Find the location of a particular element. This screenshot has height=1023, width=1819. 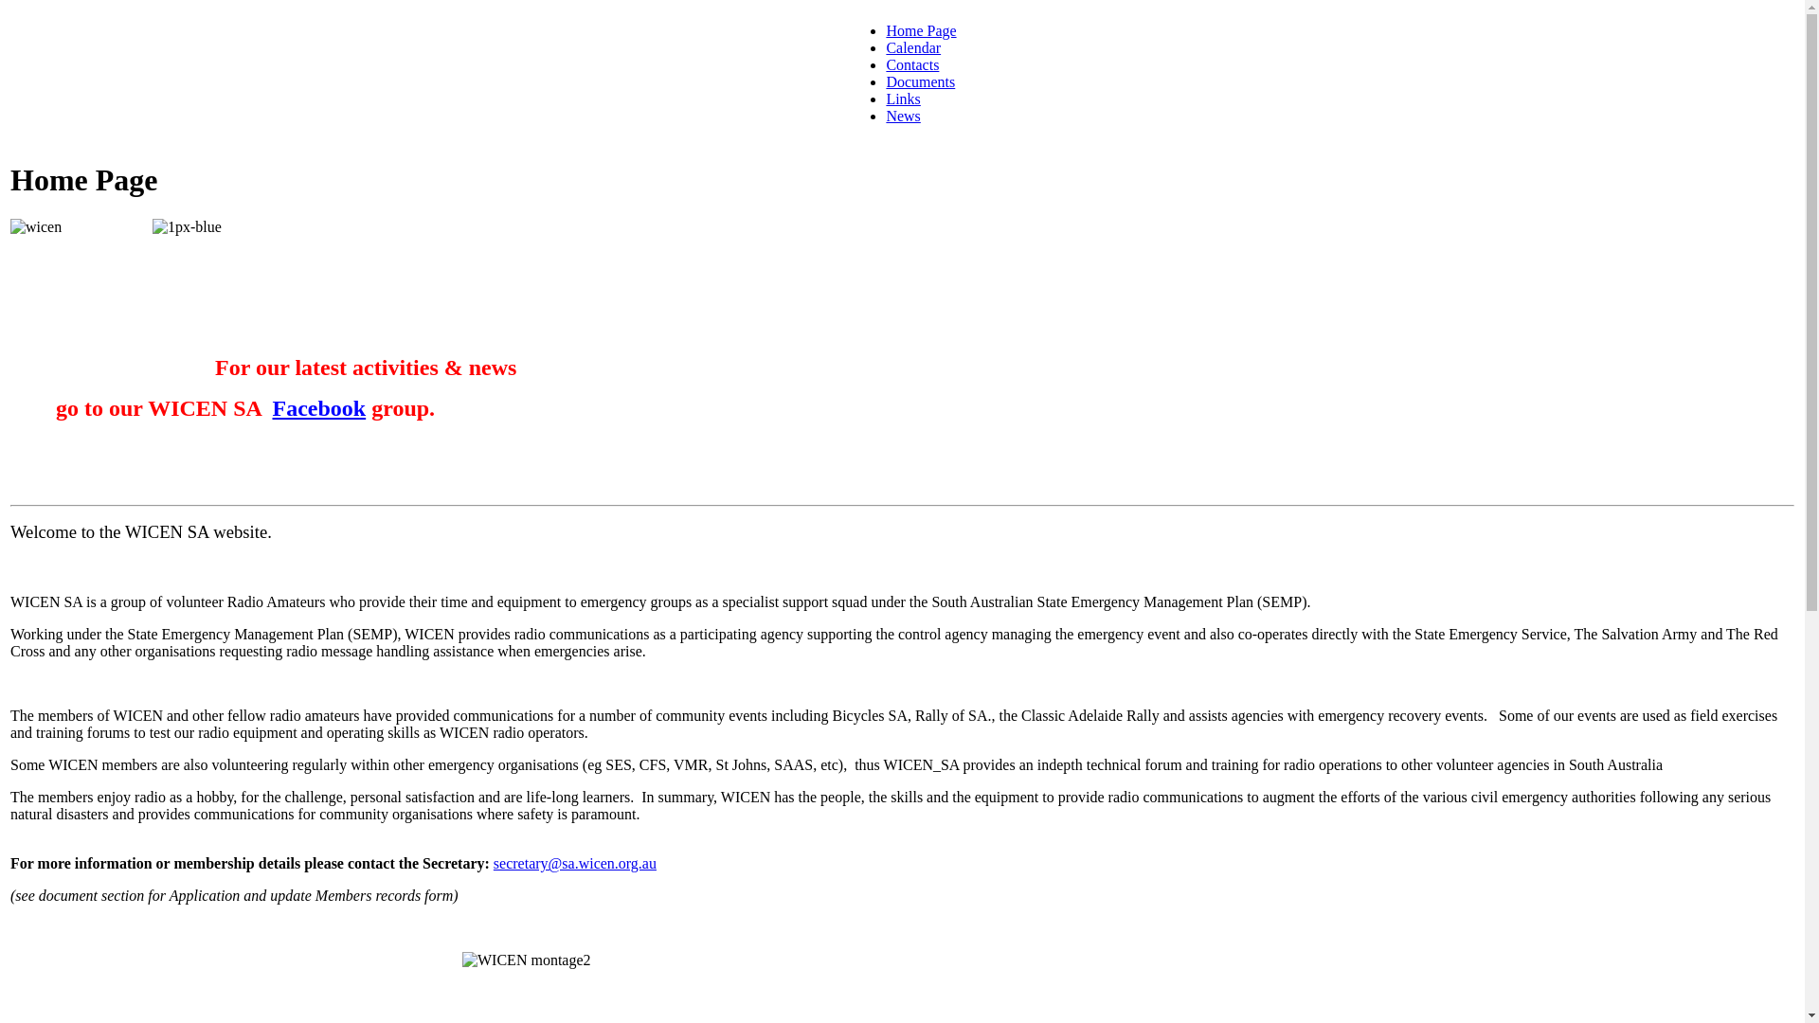

'Contacts' is located at coordinates (912, 63).